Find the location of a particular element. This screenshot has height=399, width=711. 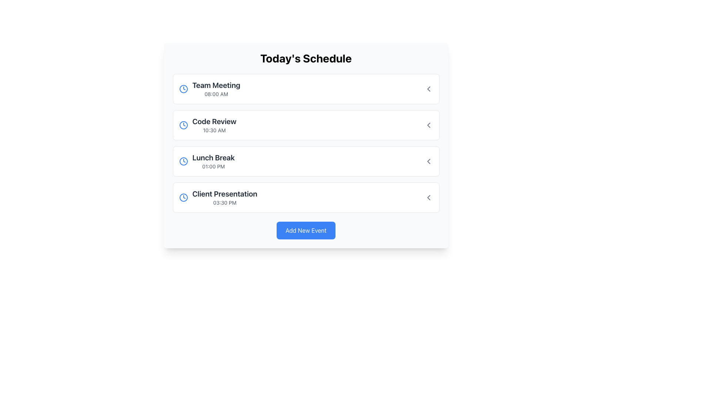

the icon representing the scheduled event time for 'Client Presentation 03:30 PM', located at the leftmost part of the list item is located at coordinates (183, 197).